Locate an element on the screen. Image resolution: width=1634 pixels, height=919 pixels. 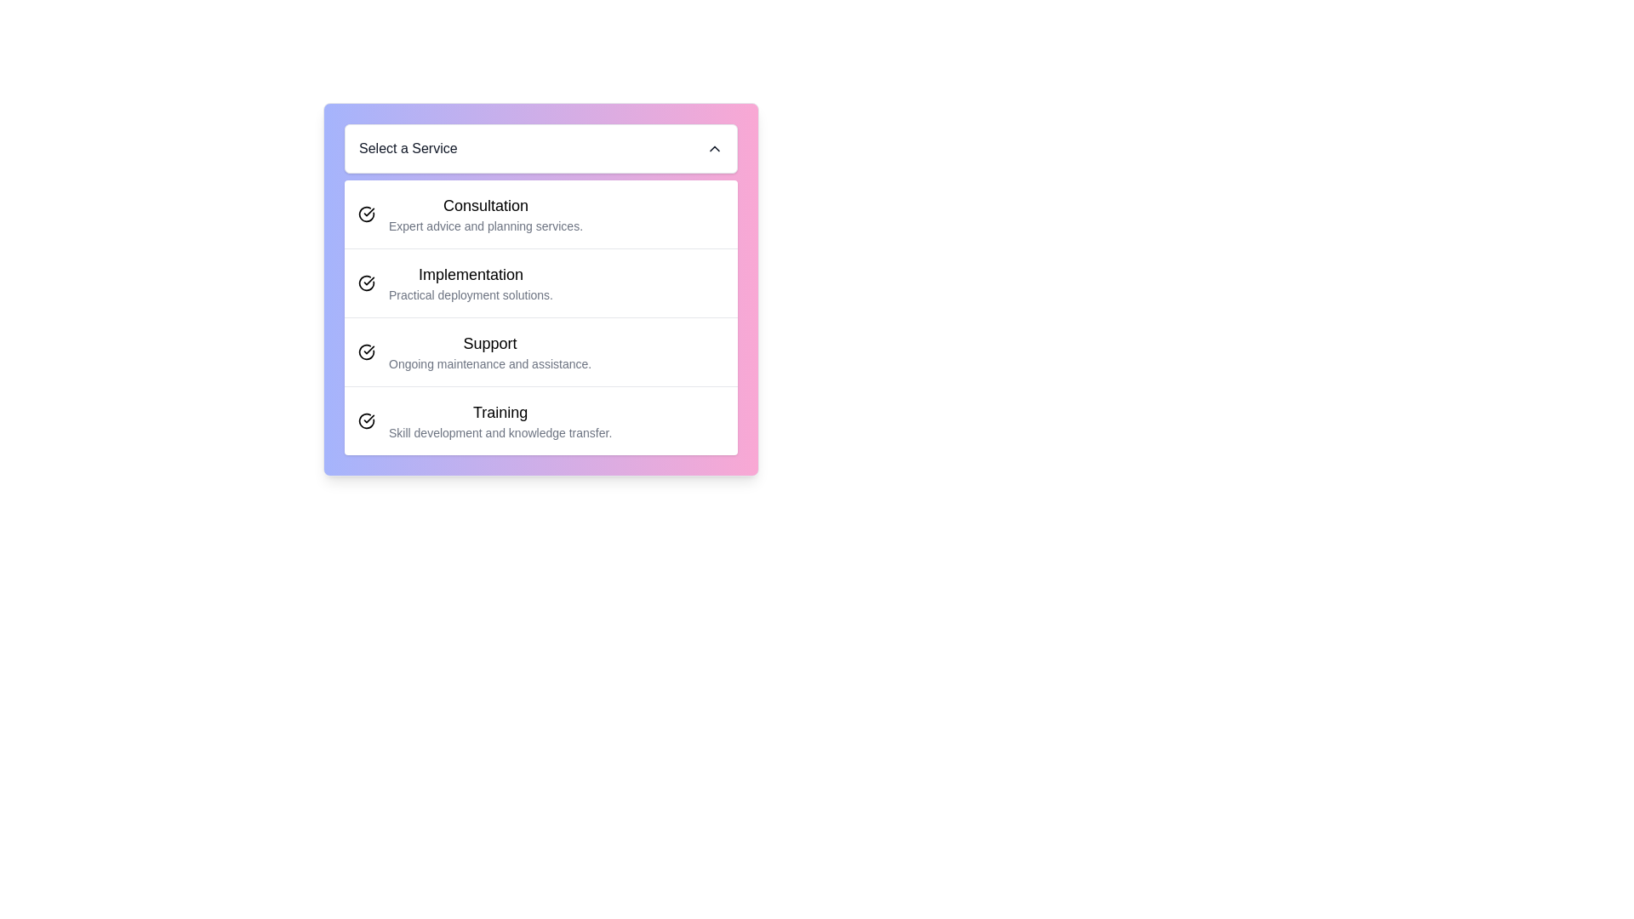
the circular checkmark icon that serves as the selection control for the 'Support' option is located at coordinates (366, 351).